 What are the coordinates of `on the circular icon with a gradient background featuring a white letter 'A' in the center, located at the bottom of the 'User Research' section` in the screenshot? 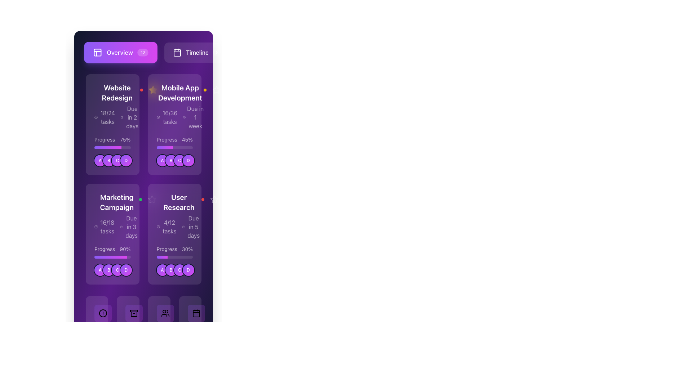 It's located at (162, 270).